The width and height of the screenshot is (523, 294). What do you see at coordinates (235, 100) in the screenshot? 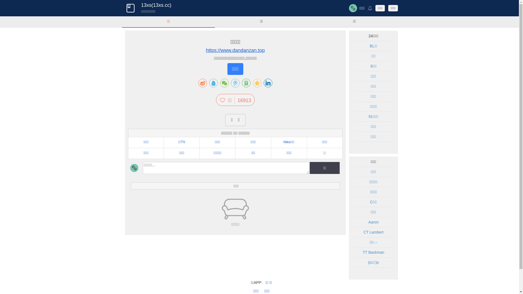
I see `'16913'` at bounding box center [235, 100].